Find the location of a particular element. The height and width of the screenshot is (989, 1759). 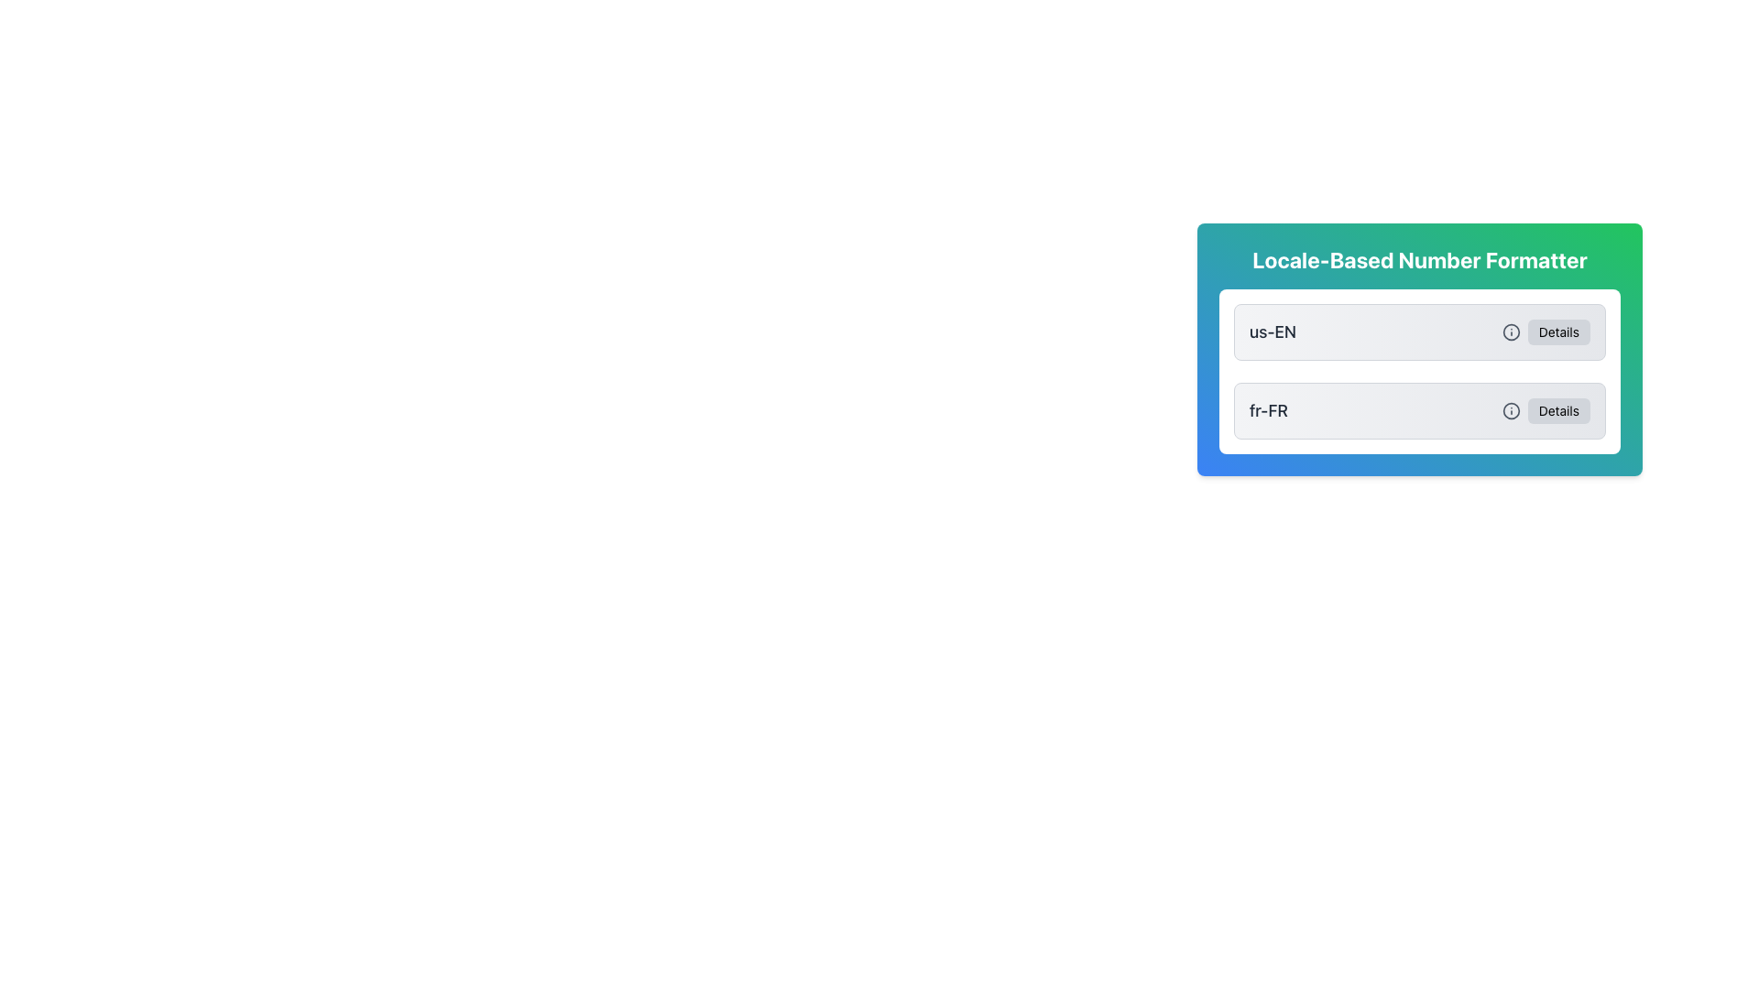

the 'Details' button located to the right of the 'fr-FR' locale code is located at coordinates (1545, 409).